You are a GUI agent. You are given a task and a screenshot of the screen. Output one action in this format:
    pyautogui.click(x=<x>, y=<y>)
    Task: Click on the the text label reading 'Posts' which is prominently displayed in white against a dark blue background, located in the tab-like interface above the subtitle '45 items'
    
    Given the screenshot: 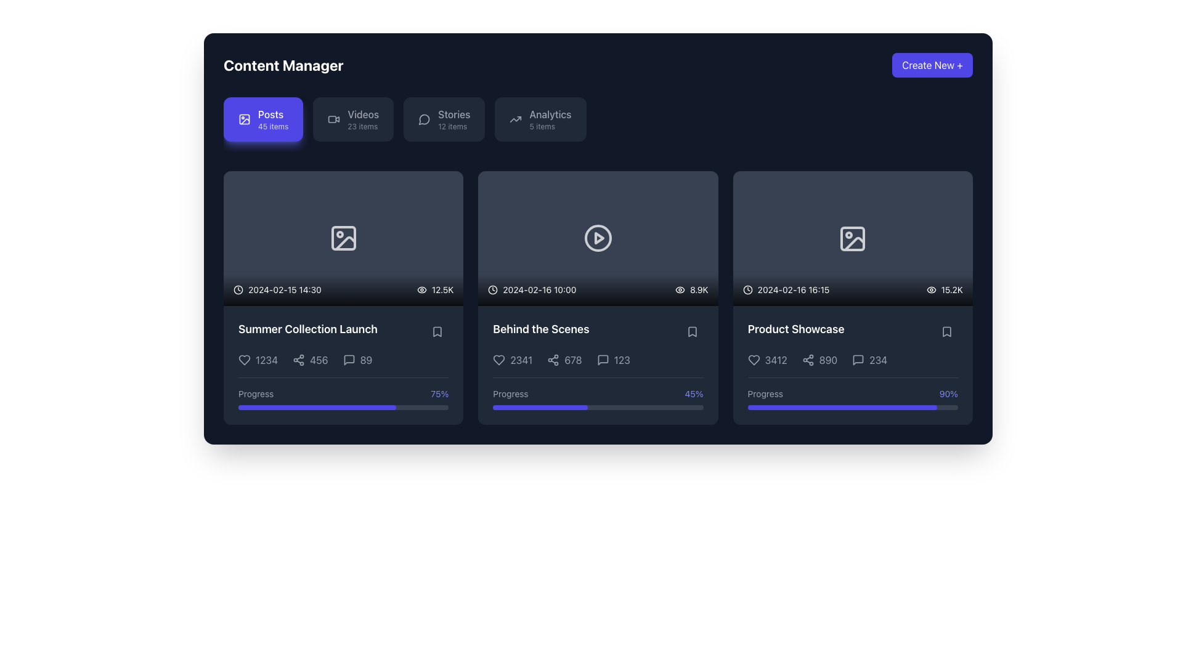 What is the action you would take?
    pyautogui.click(x=270, y=114)
    